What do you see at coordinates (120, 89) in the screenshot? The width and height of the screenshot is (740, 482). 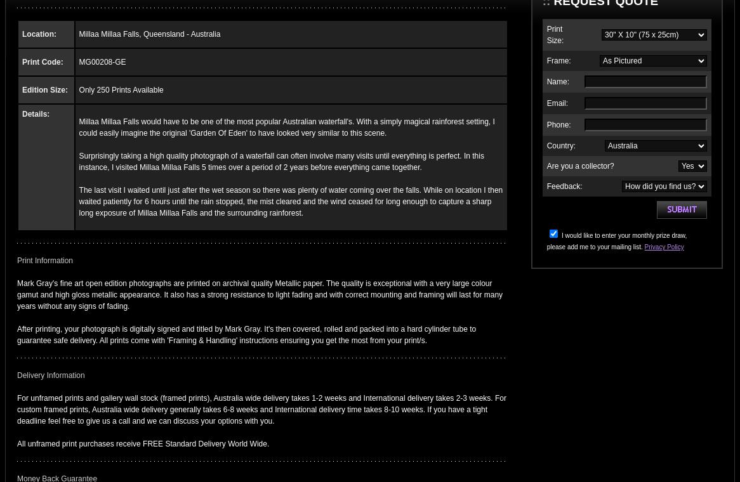 I see `'Only 250 Prints Available'` at bounding box center [120, 89].